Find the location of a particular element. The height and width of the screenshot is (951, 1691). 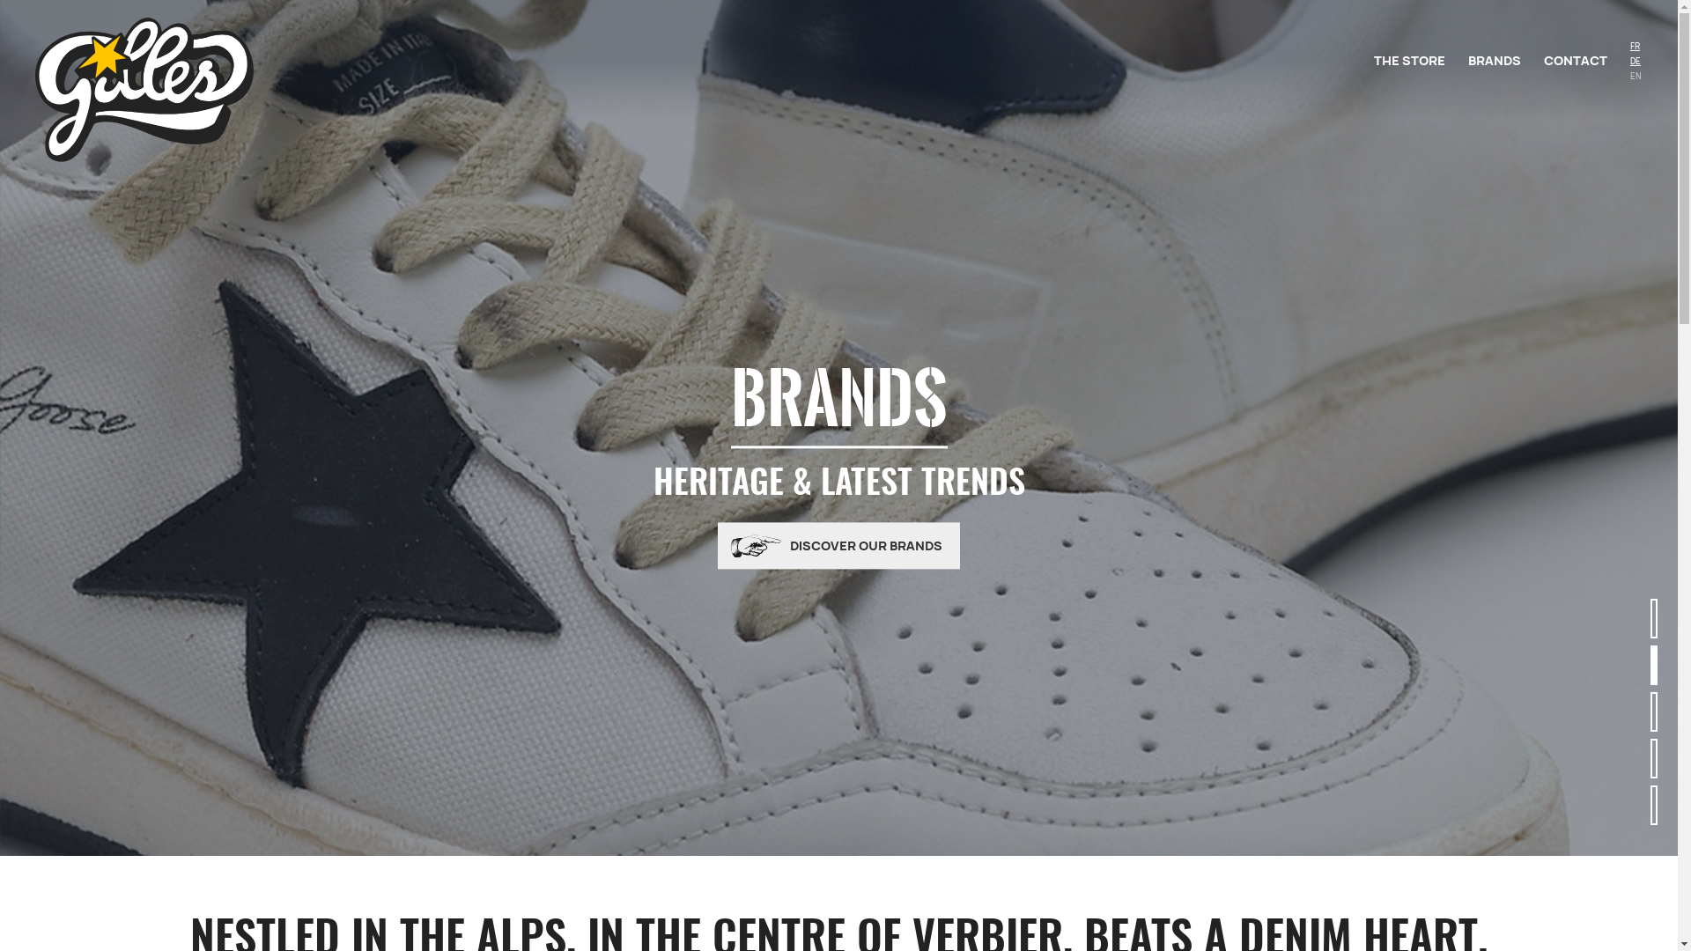

'DE' is located at coordinates (1629, 59).